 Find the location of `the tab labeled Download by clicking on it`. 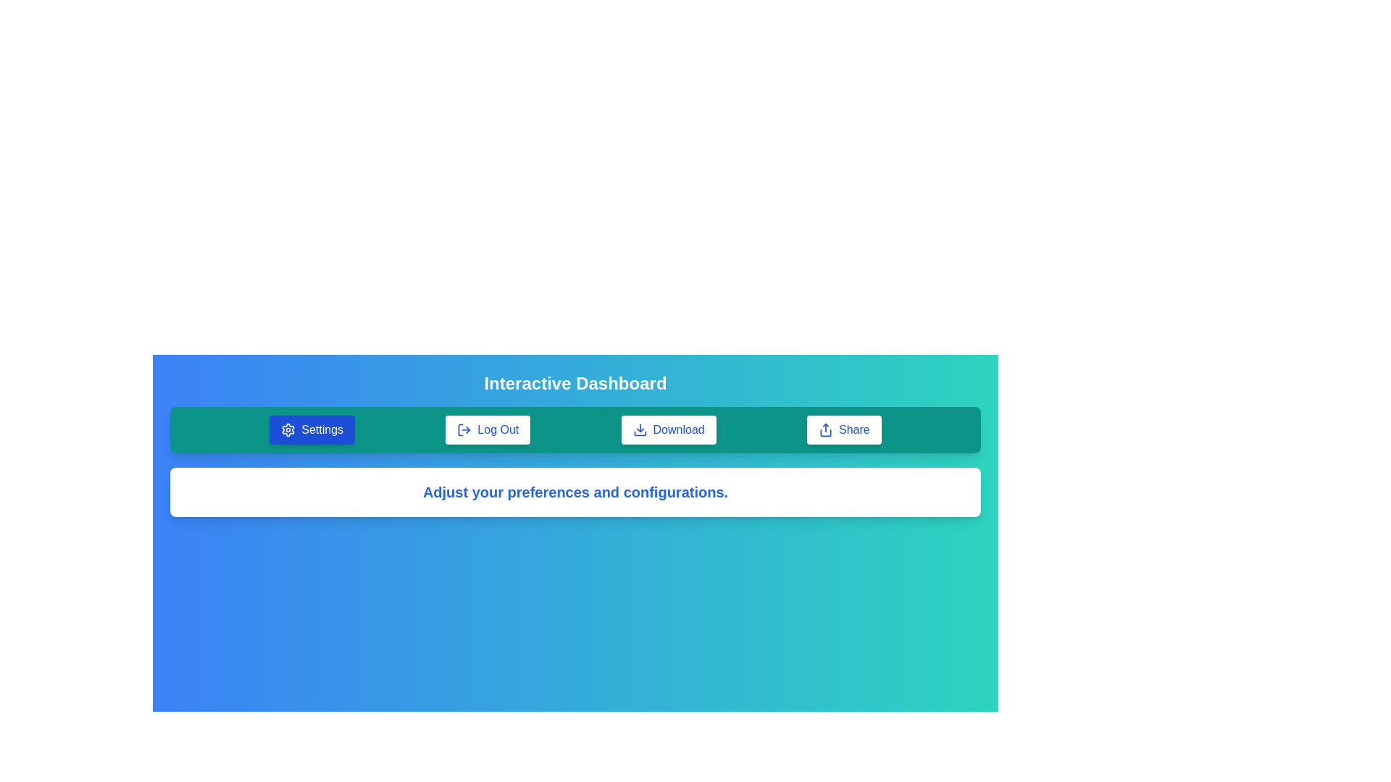

the tab labeled Download by clicking on it is located at coordinates (668, 429).